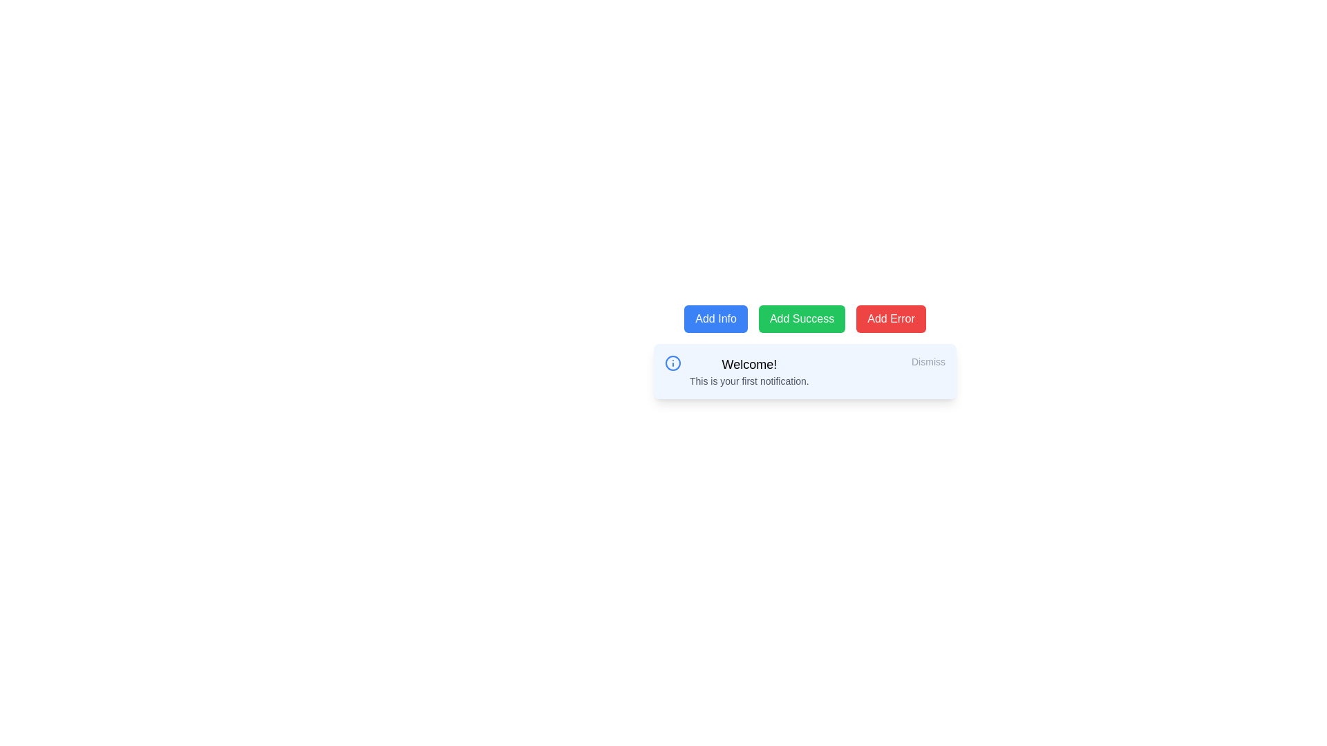 This screenshot has height=746, width=1327. Describe the element at coordinates (928, 361) in the screenshot. I see `the 'Dismiss' button located at the top-right corner of the notification` at that location.